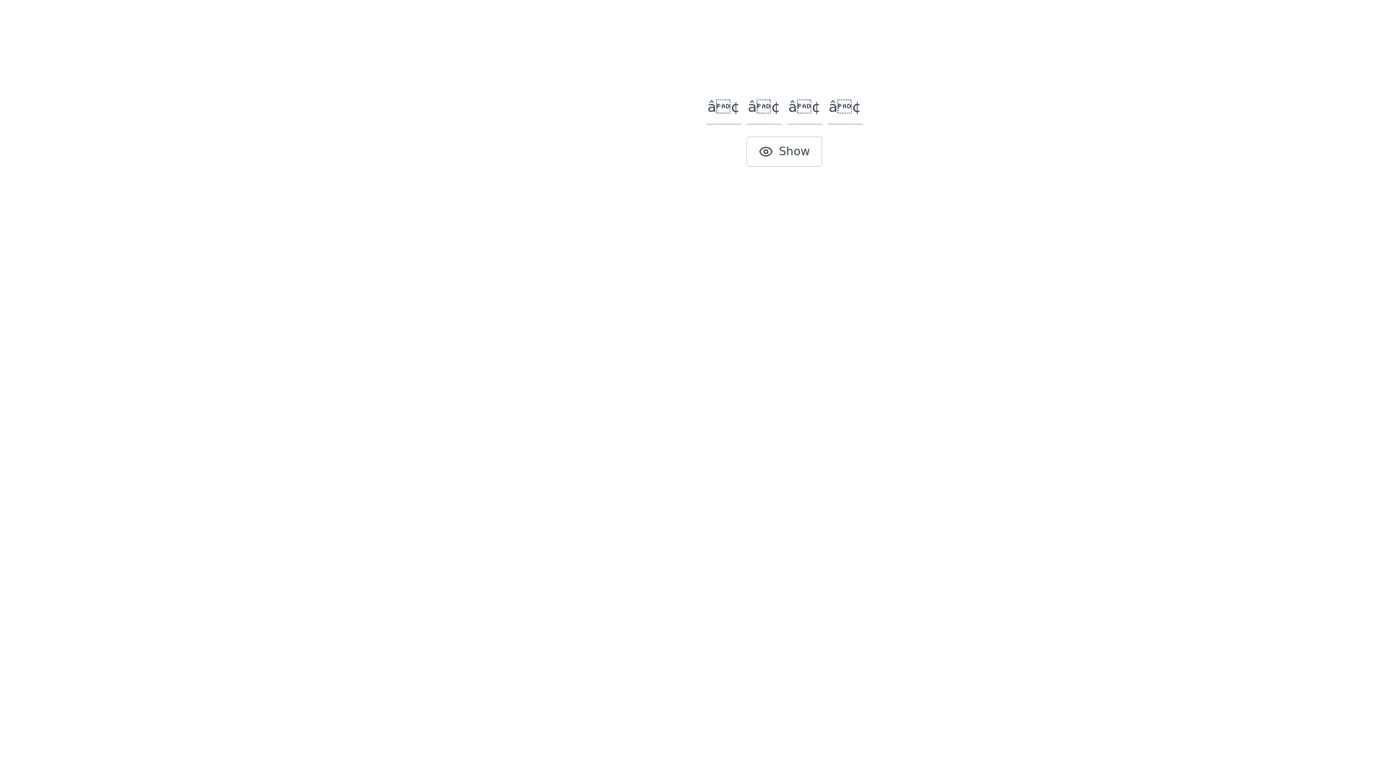 The height and width of the screenshot is (780, 1386). Describe the element at coordinates (723, 107) in the screenshot. I see `the first text input field, which is square-shaped with a gray border and blue highlighting when focused, to focus on this input box` at that location.